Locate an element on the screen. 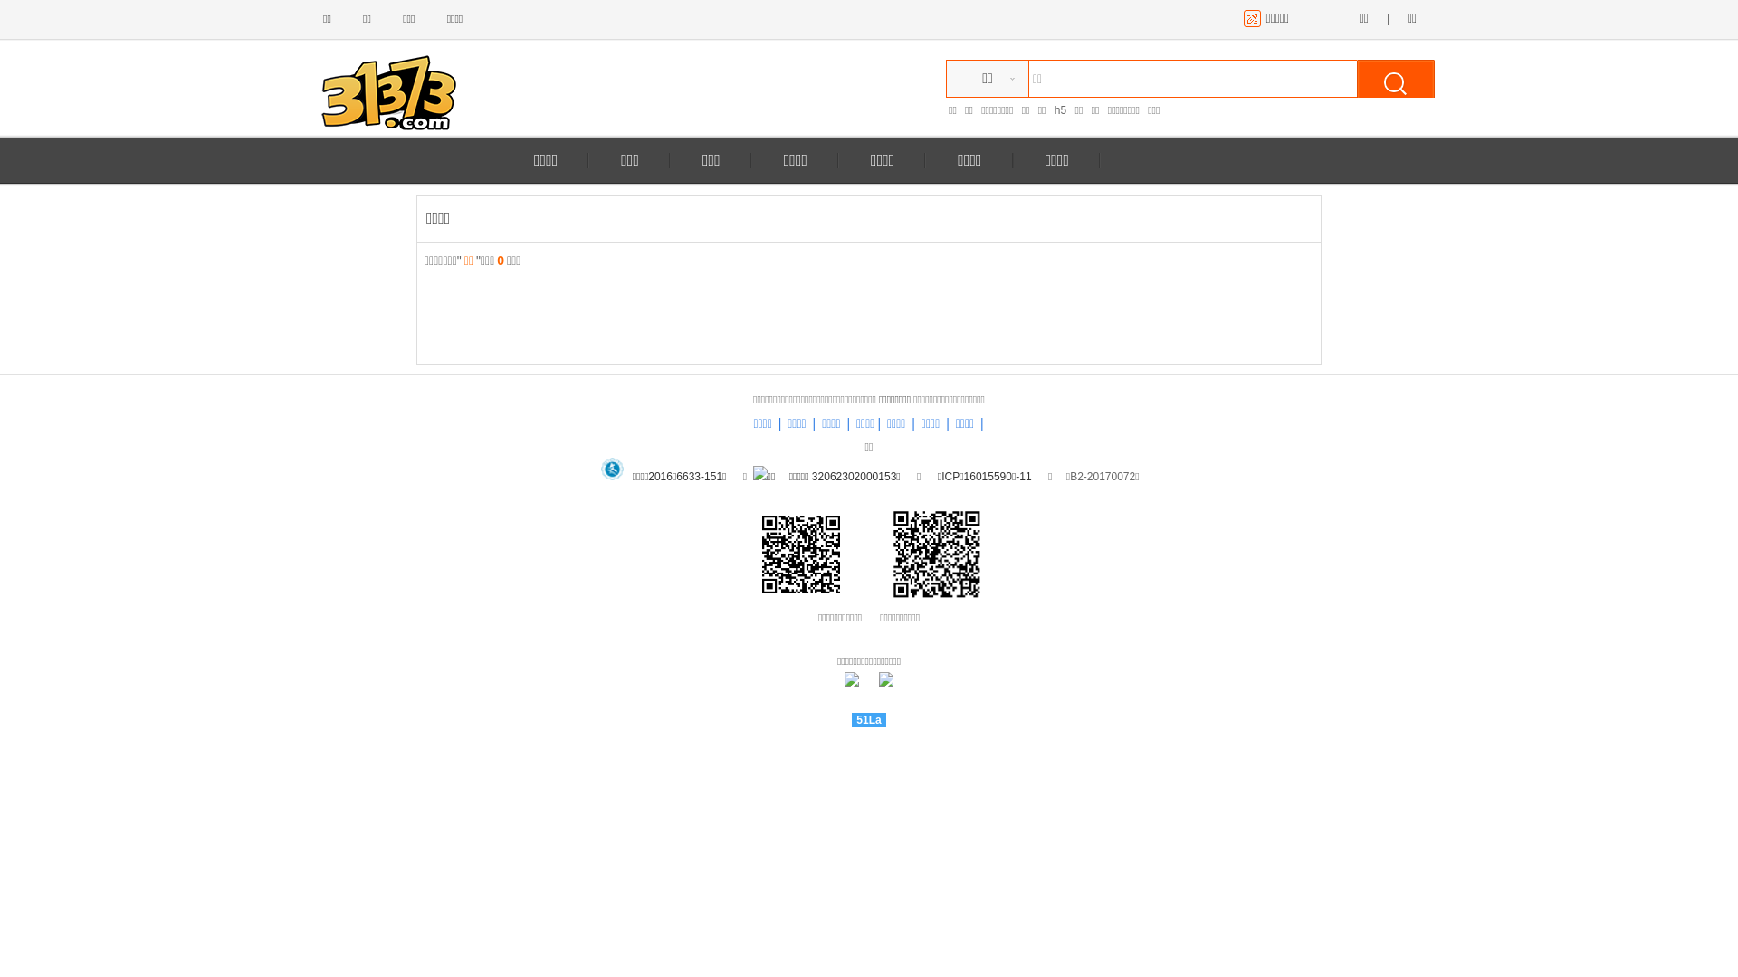 The image size is (1738, 977). '51La' is located at coordinates (867, 718).